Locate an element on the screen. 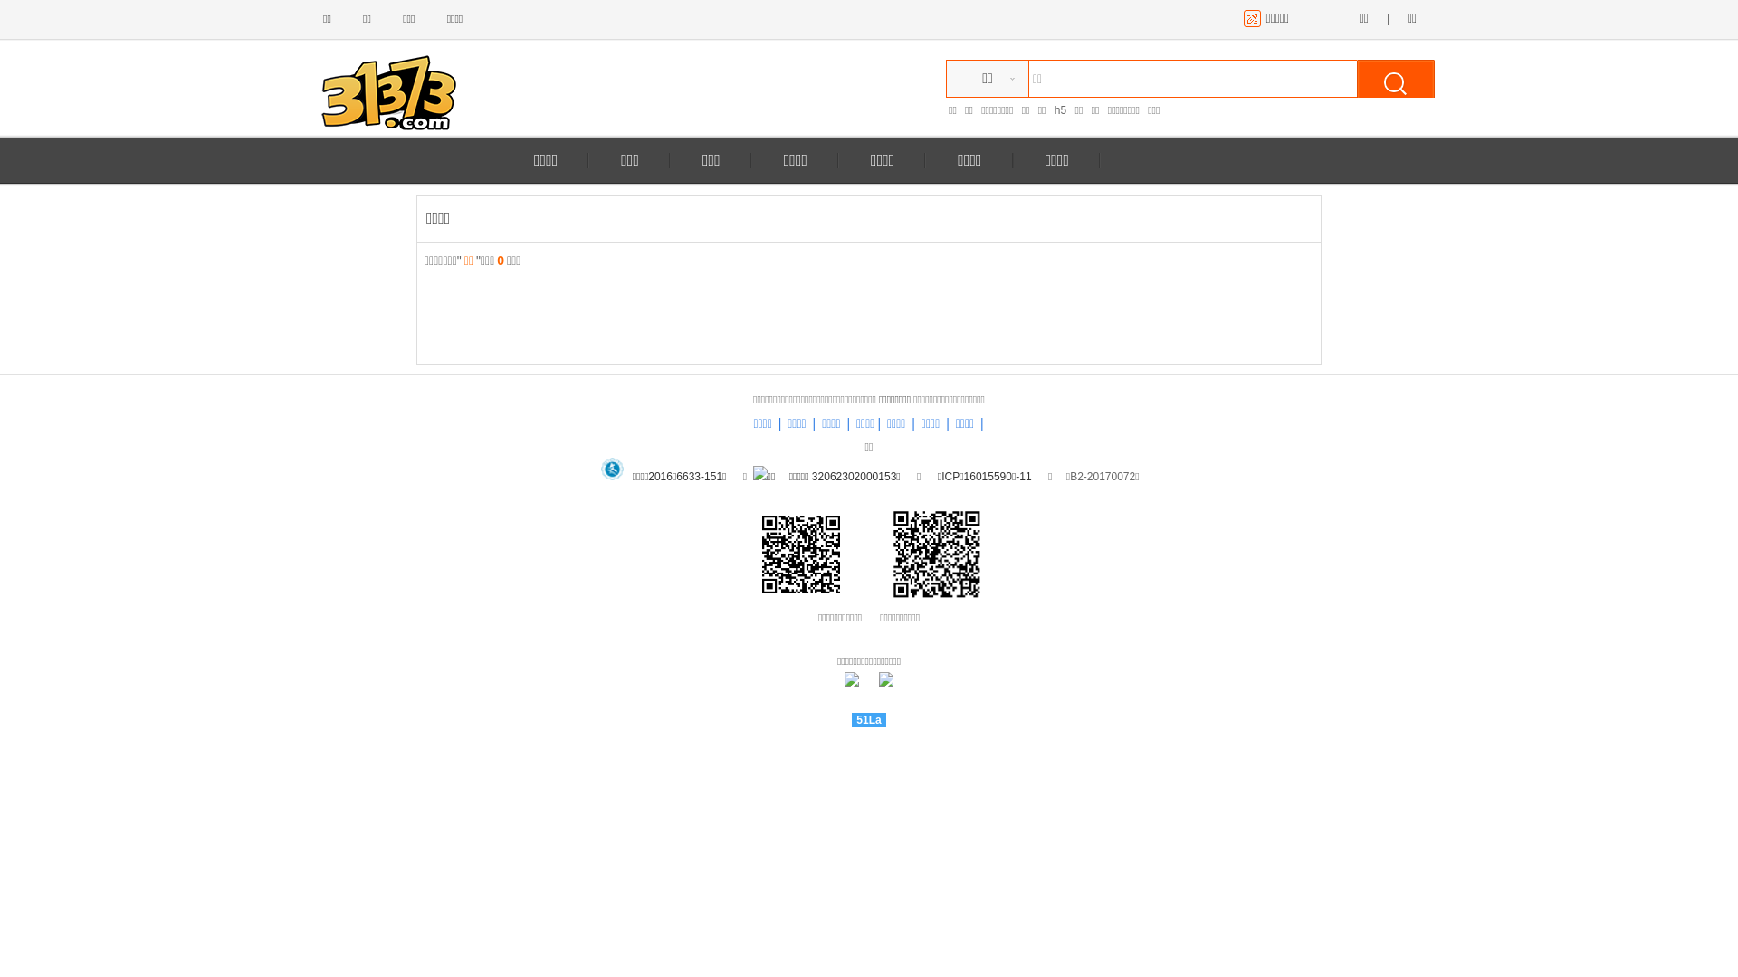 The image size is (1738, 977). '51La' is located at coordinates (867, 718).